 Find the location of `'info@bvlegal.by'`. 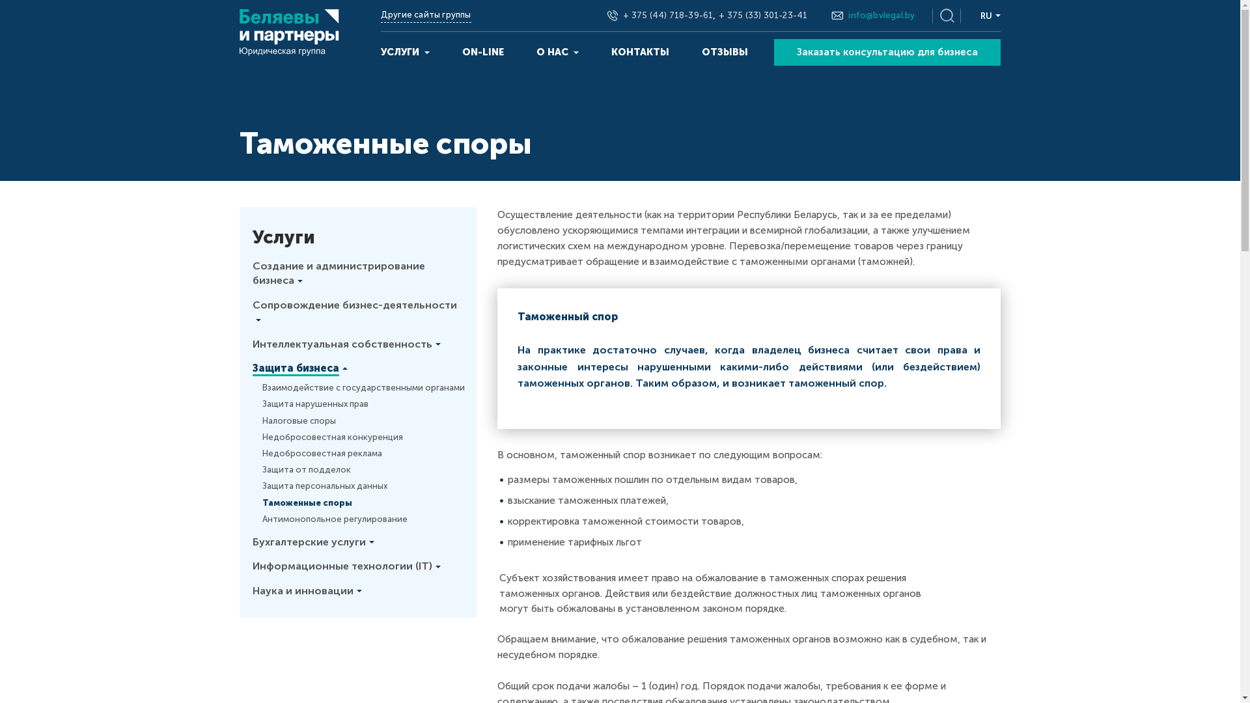

'info@bvlegal.by' is located at coordinates (848, 15).